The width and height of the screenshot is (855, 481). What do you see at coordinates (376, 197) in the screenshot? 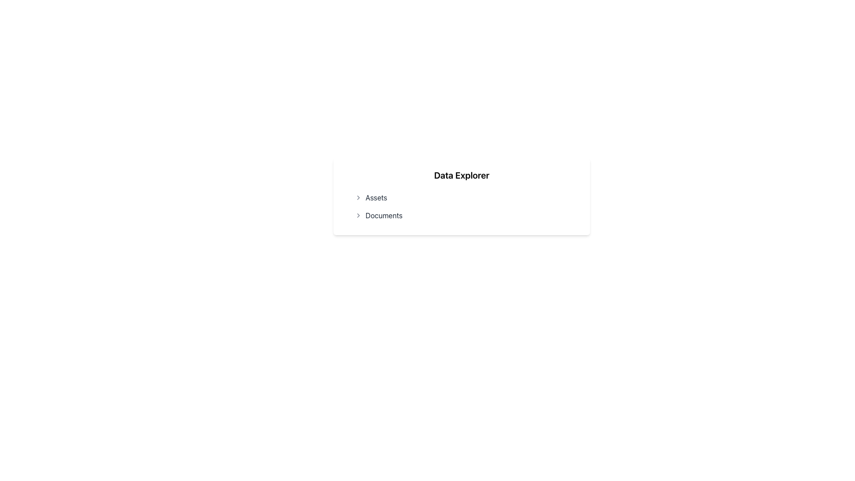
I see `the text label 'Assets' which is the first item in the vertical list under 'Data Explorer.'` at bounding box center [376, 197].